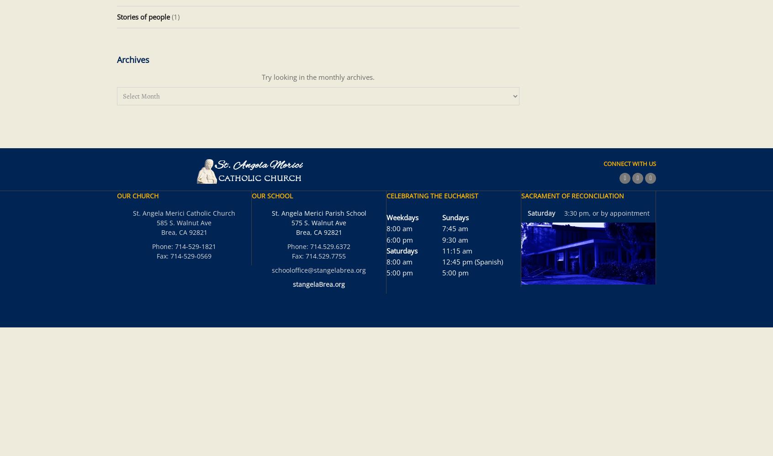 This screenshot has width=773, height=456. Describe the element at coordinates (271, 196) in the screenshot. I see `'Our School'` at that location.